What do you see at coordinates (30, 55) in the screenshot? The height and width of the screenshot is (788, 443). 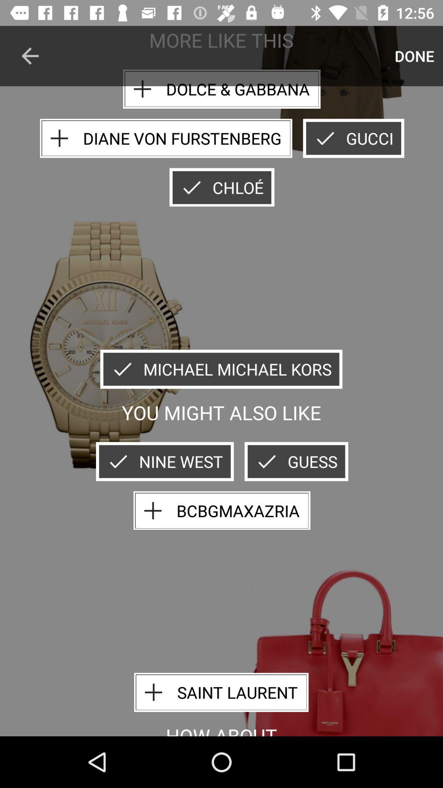 I see `the icon above the diane von furstenberg item` at bounding box center [30, 55].